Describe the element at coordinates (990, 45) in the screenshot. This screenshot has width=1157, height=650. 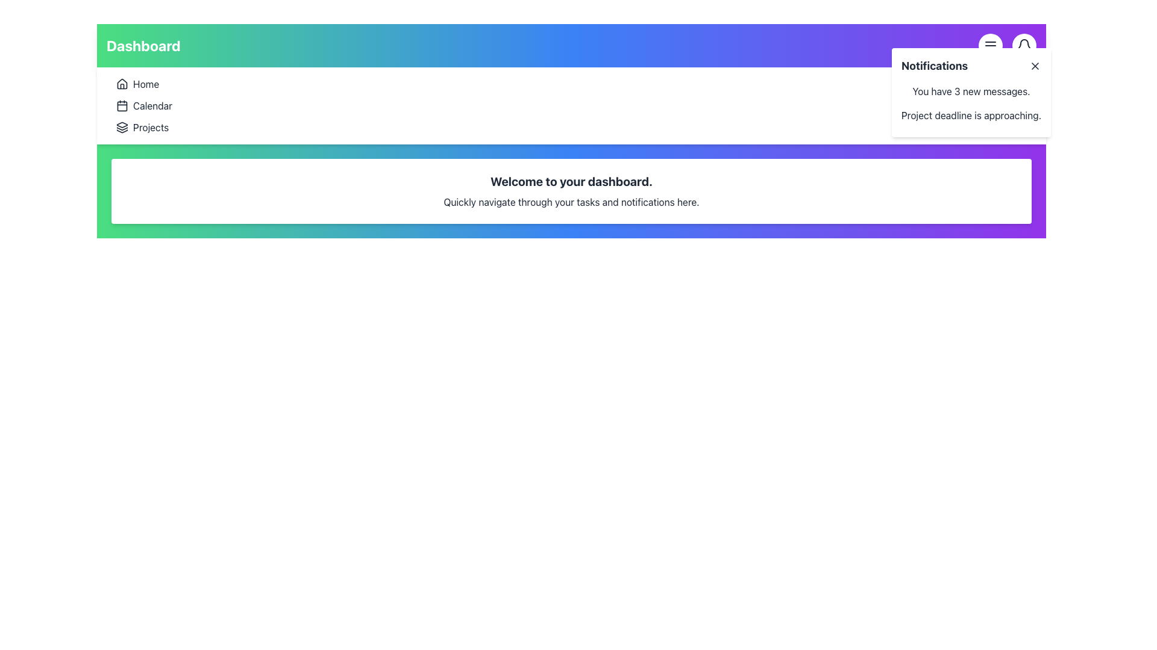
I see `the circular button with a white background and a black hamburger icon located at the top-right corner of the interface` at that location.